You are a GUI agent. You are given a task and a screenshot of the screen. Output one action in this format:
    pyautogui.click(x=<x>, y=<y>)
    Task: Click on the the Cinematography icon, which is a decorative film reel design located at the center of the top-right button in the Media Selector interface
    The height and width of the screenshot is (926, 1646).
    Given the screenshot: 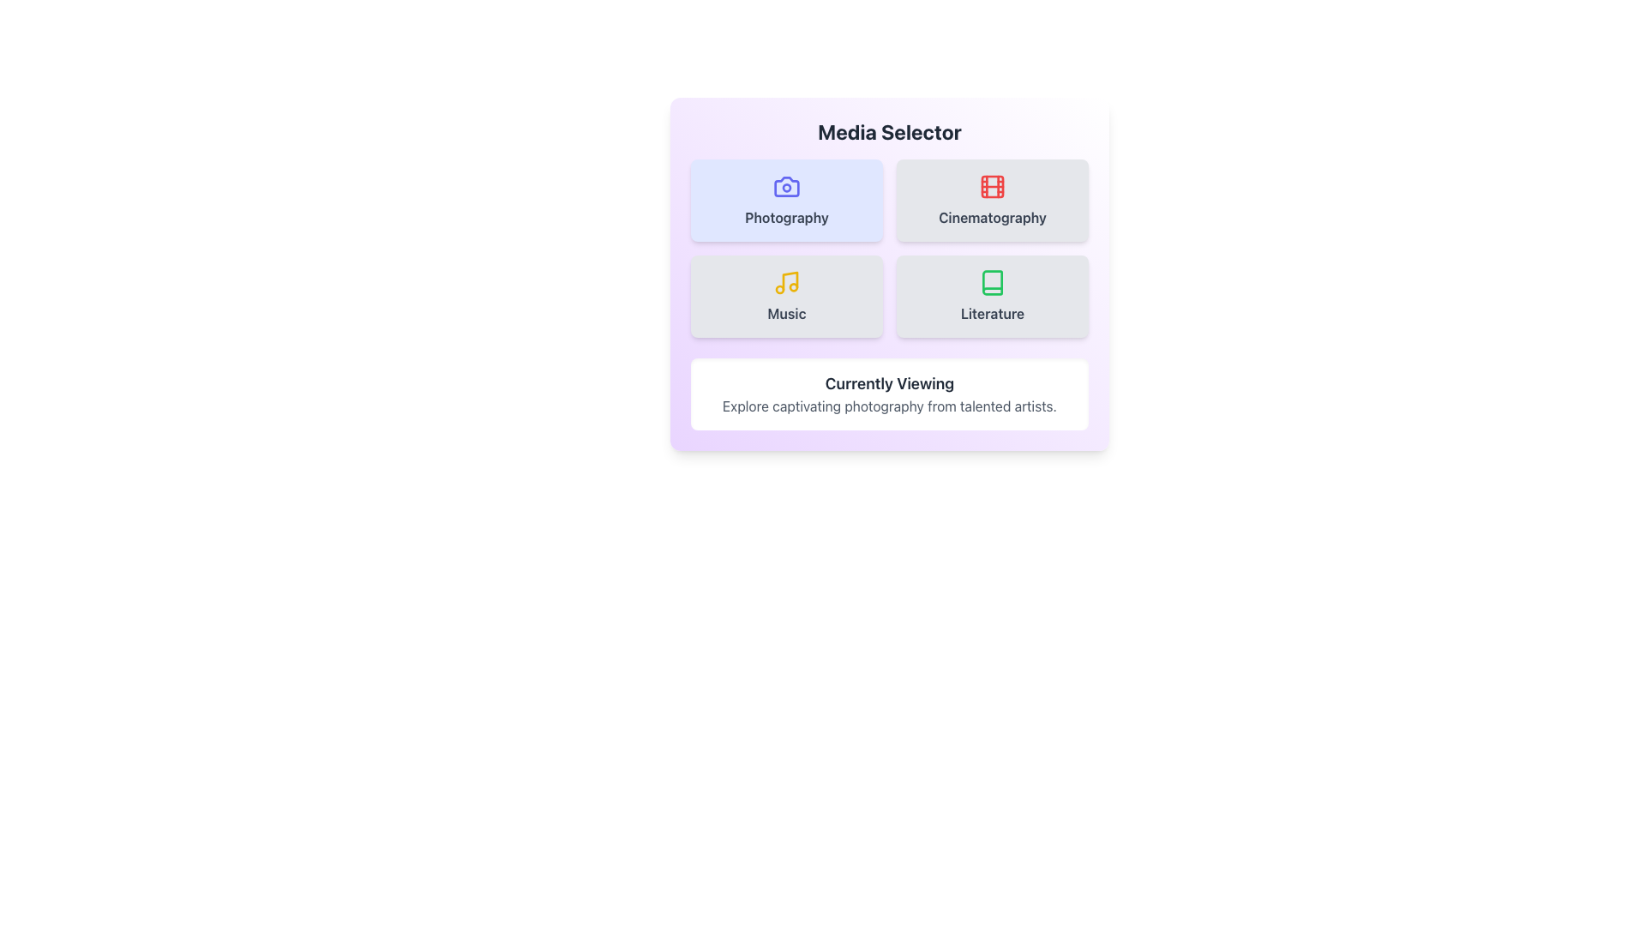 What is the action you would take?
    pyautogui.click(x=992, y=187)
    